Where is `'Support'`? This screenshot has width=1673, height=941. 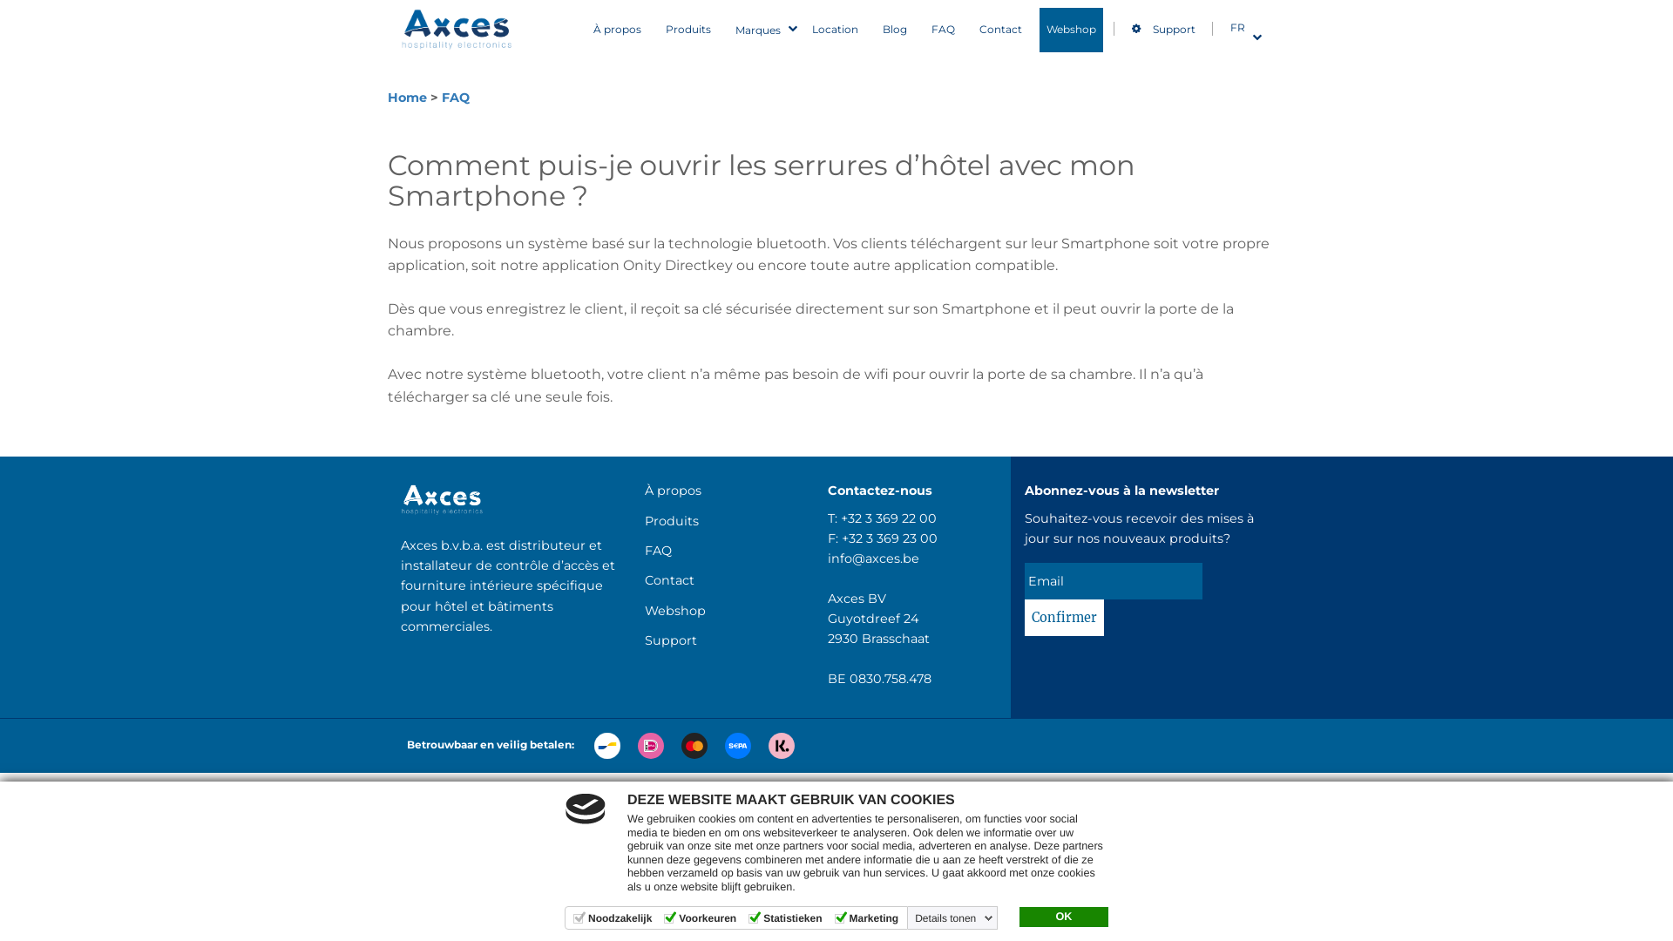 'Support' is located at coordinates (643, 640).